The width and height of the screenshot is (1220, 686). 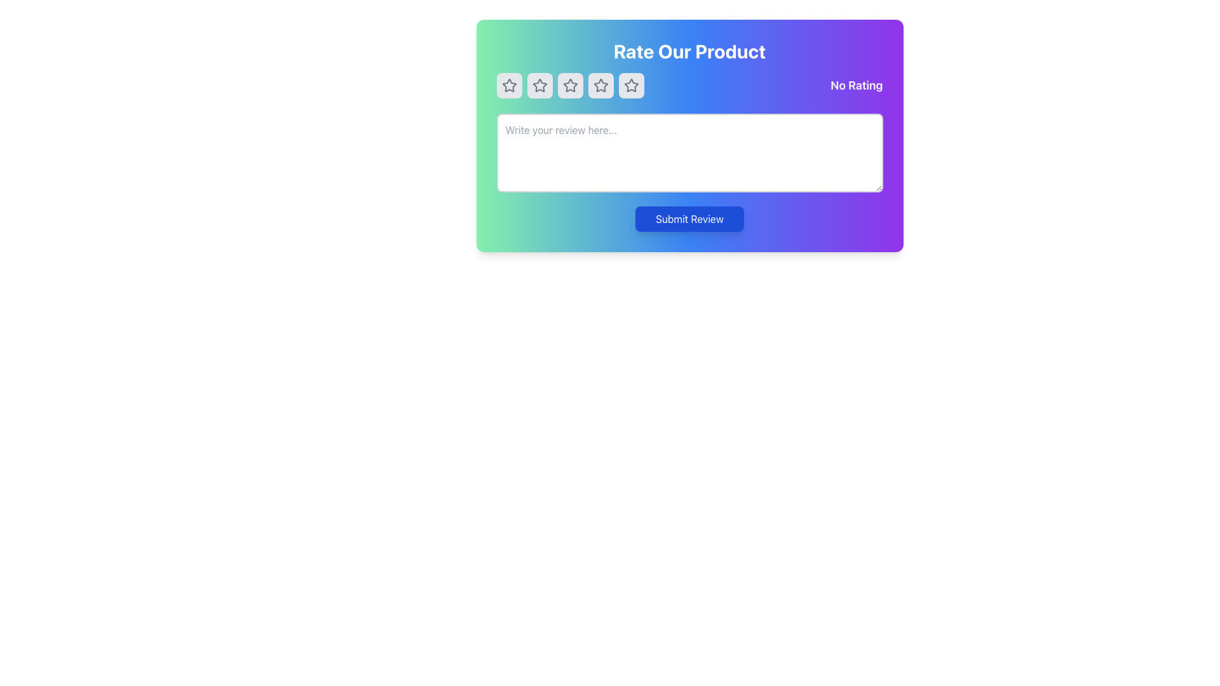 I want to click on the first star icon in the 'Rate Our Product' section, so click(x=509, y=86).